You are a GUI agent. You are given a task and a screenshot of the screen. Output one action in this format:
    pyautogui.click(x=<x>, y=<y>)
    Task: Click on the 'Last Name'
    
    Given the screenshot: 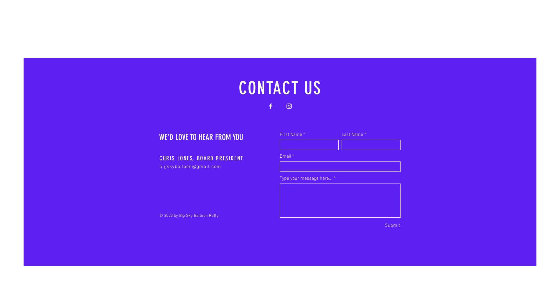 What is the action you would take?
    pyautogui.click(x=352, y=135)
    